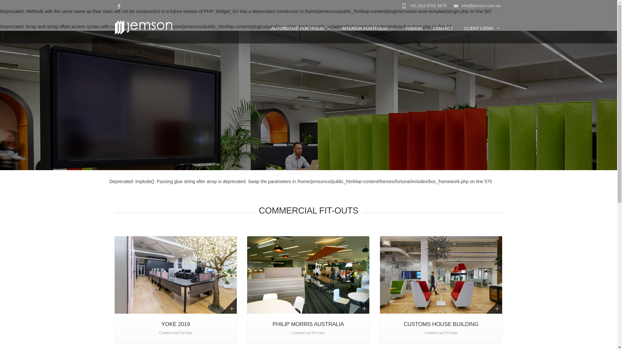 The width and height of the screenshot is (622, 350). What do you see at coordinates (266, 279) in the screenshot?
I see `'Home'` at bounding box center [266, 279].